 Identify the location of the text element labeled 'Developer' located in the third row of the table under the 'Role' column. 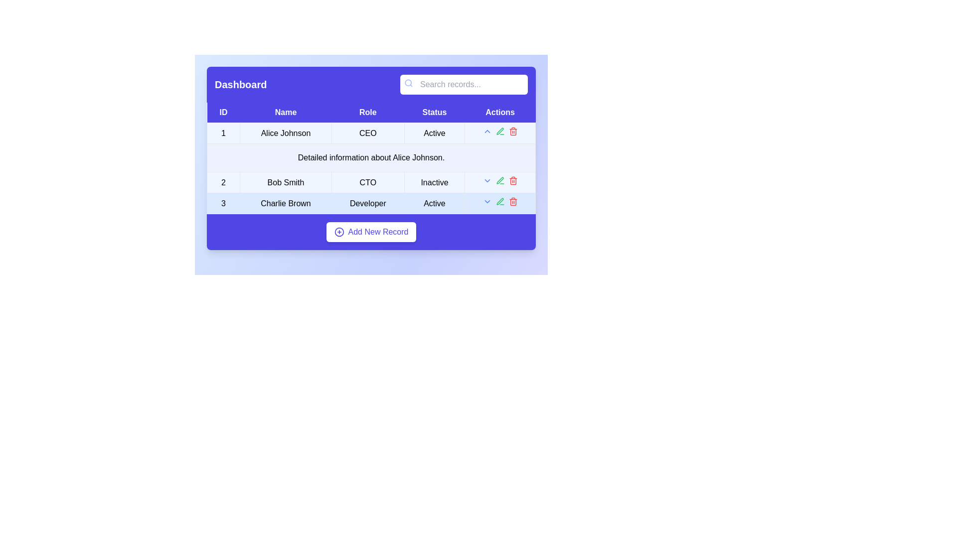
(367, 203).